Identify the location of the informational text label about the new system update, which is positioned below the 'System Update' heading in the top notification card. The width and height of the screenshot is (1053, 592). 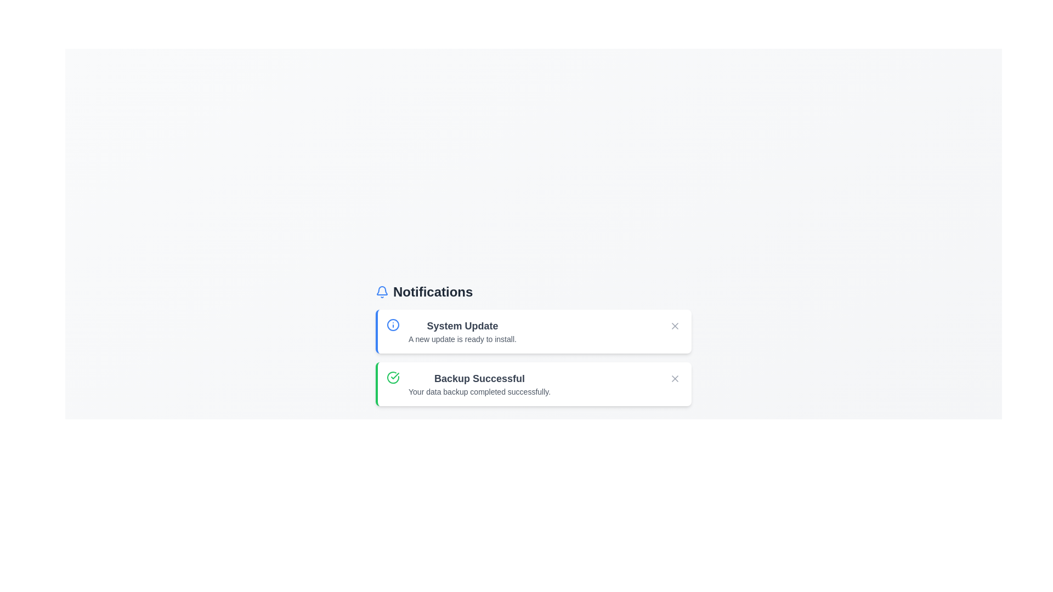
(462, 338).